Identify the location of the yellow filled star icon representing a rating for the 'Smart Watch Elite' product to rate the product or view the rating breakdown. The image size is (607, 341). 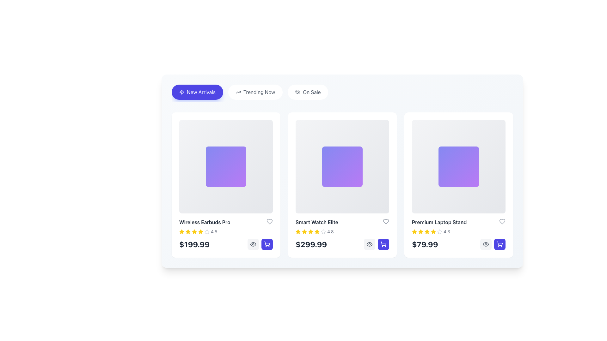
(304, 231).